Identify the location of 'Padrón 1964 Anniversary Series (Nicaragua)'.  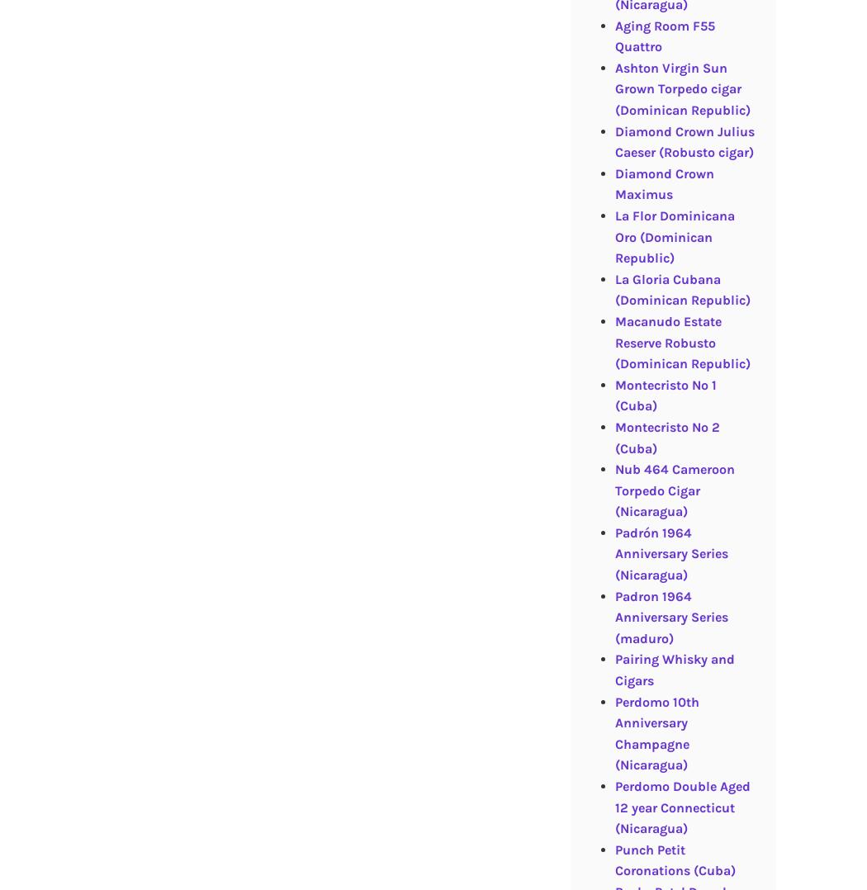
(670, 553).